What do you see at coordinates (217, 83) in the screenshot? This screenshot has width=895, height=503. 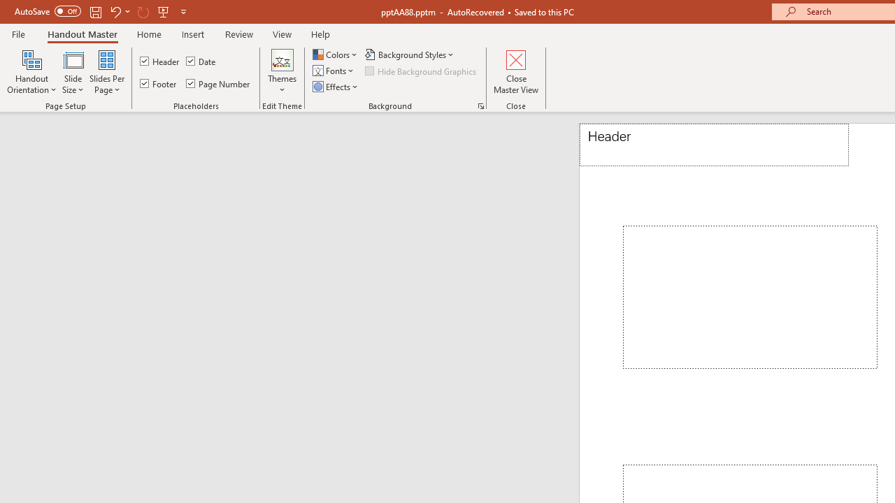 I see `'Page Number'` at bounding box center [217, 83].